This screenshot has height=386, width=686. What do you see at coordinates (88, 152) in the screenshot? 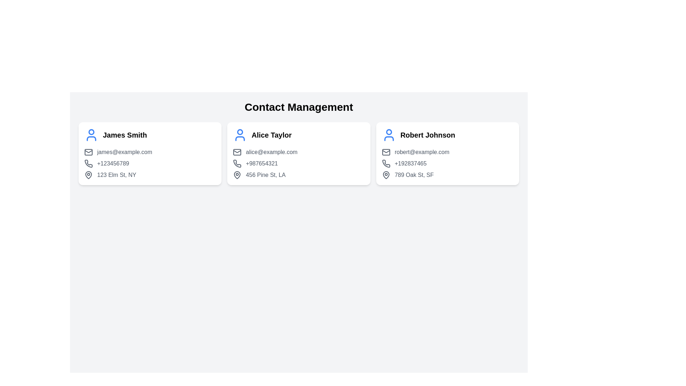
I see `the rectangular vector graphic icon representing an envelope shape, which is located near the email address 'james@example.com'` at bounding box center [88, 152].